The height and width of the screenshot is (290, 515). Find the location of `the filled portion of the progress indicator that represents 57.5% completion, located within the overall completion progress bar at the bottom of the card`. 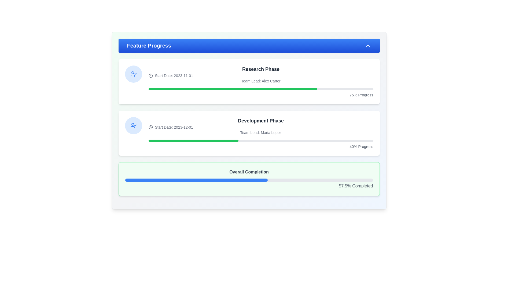

the filled portion of the progress indicator that represents 57.5% completion, located within the overall completion progress bar at the bottom of the card is located at coordinates (196, 180).